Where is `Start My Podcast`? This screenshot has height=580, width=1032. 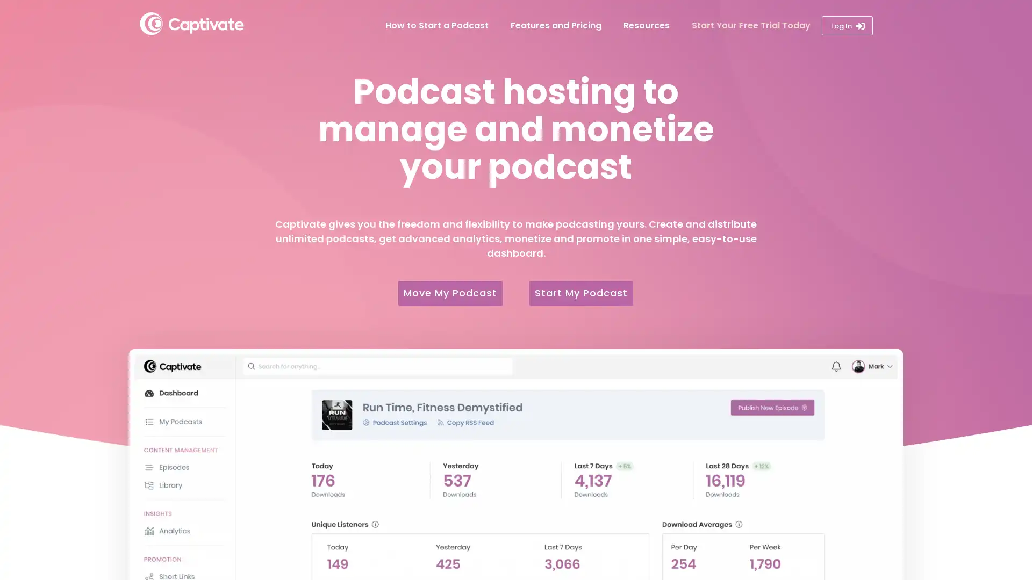 Start My Podcast is located at coordinates (585, 293).